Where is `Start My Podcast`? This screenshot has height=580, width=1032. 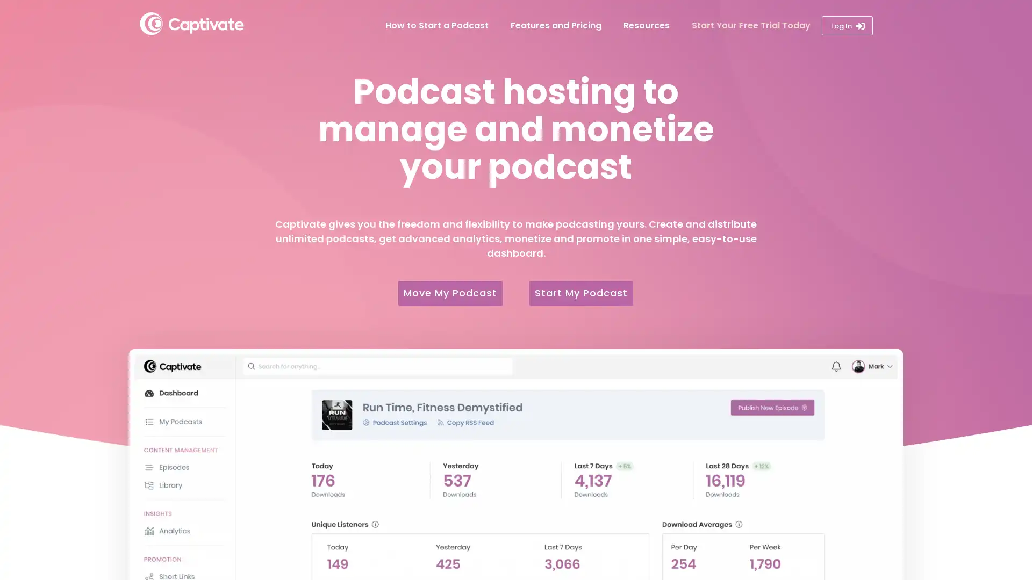 Start My Podcast is located at coordinates (585, 293).